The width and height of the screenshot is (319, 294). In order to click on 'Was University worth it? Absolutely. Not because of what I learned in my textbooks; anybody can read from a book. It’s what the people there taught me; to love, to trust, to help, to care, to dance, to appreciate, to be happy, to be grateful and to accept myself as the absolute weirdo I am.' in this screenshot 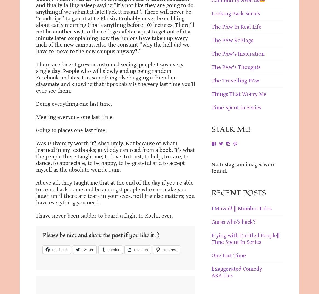, I will do `click(115, 156)`.